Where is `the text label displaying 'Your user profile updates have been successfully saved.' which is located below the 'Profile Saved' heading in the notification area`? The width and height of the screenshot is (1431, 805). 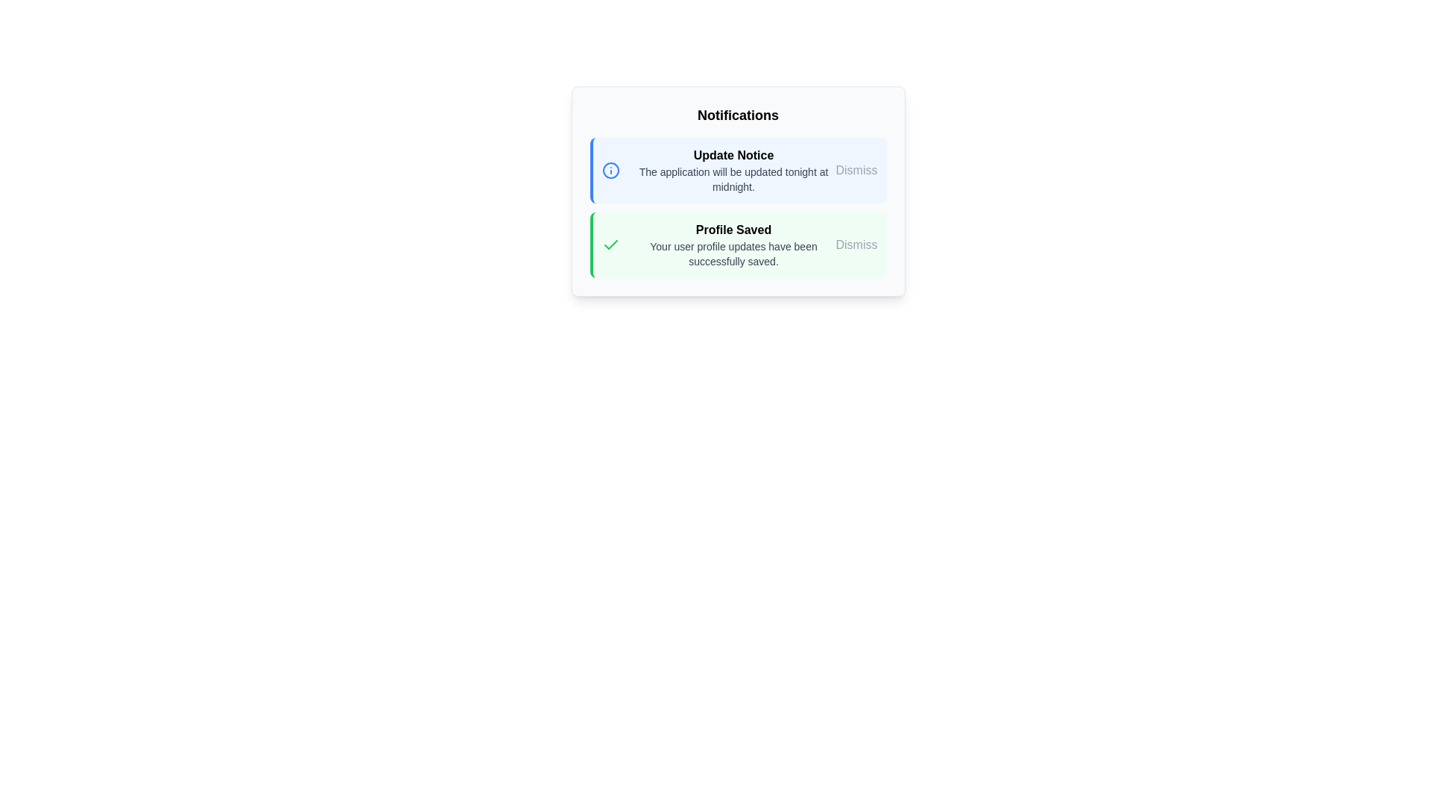 the text label displaying 'Your user profile updates have been successfully saved.' which is located below the 'Profile Saved' heading in the notification area is located at coordinates (733, 253).